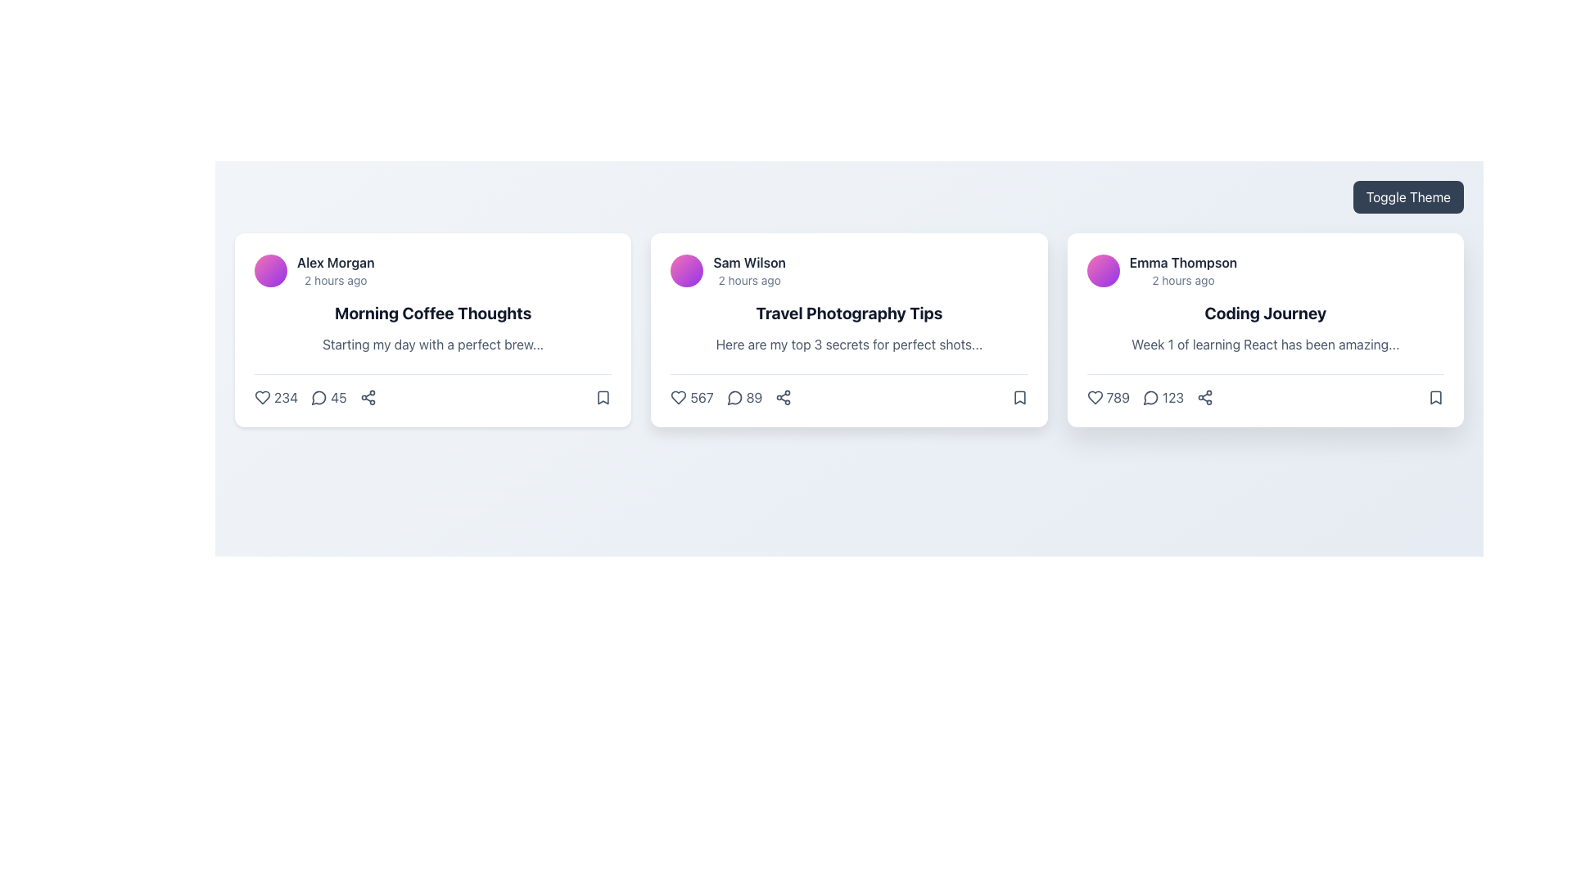  Describe the element at coordinates (318, 398) in the screenshot. I see `the small circular speech bubble icon located between the like icon and the share icon at the bottom of the 'Morning Coffee Thoughts' card` at that location.